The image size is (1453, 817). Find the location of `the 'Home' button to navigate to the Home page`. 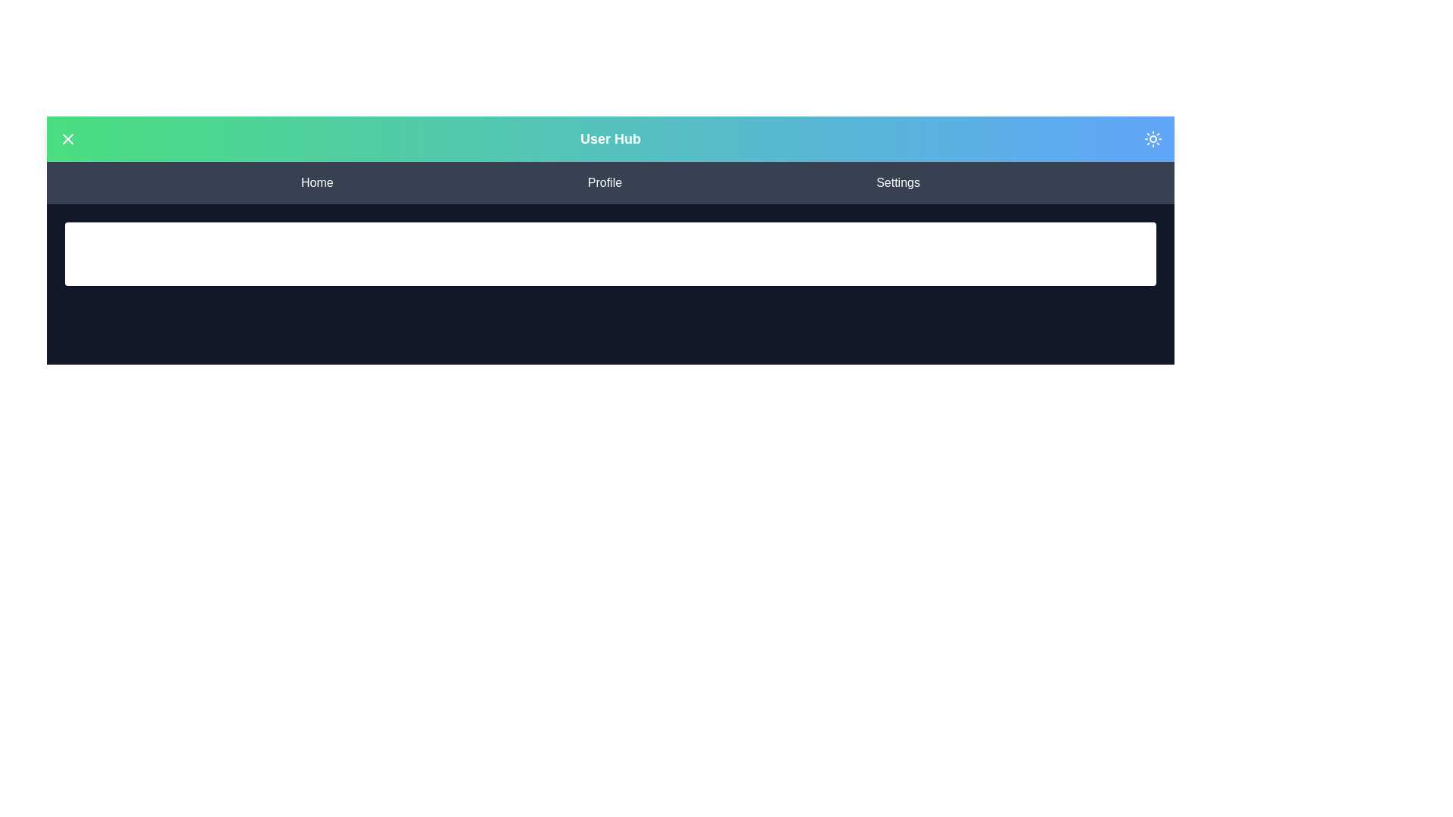

the 'Home' button to navigate to the Home page is located at coordinates (316, 182).